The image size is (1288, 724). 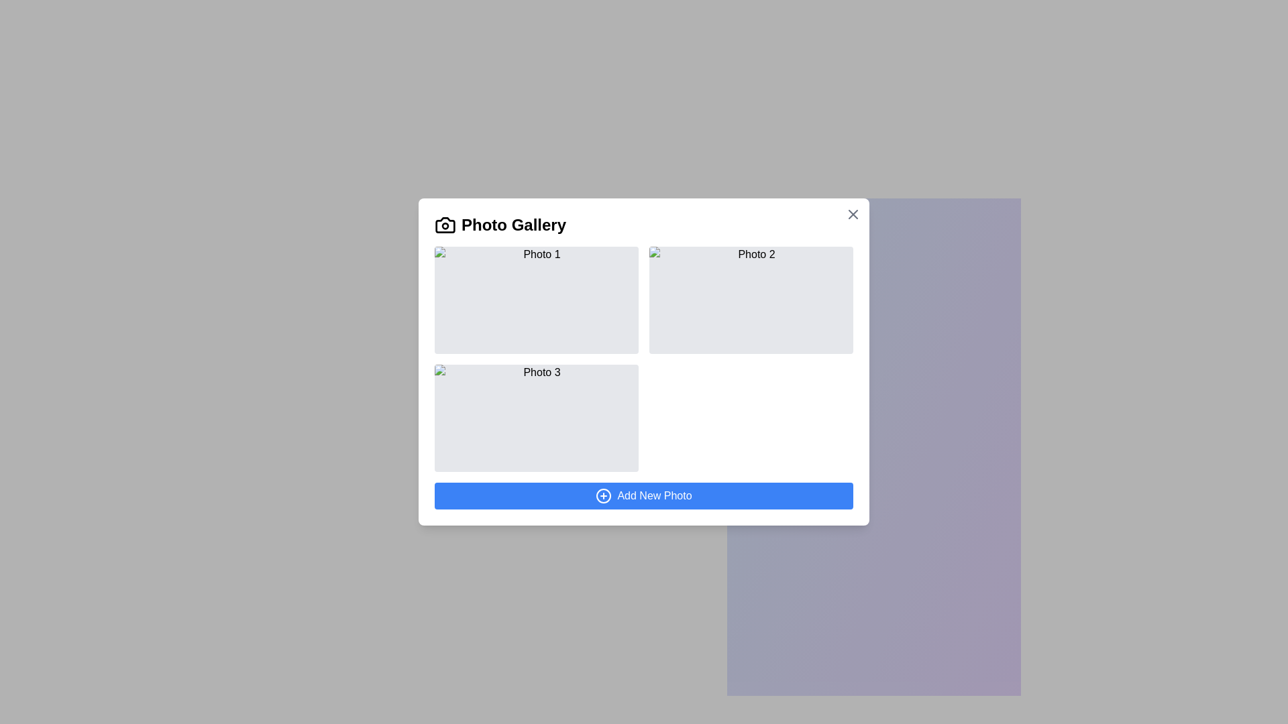 What do you see at coordinates (603, 496) in the screenshot?
I see `the plus sign icon within the 'Add New Photo' button located at the bottom of the 'Photo Gallery' pop-up panel` at bounding box center [603, 496].